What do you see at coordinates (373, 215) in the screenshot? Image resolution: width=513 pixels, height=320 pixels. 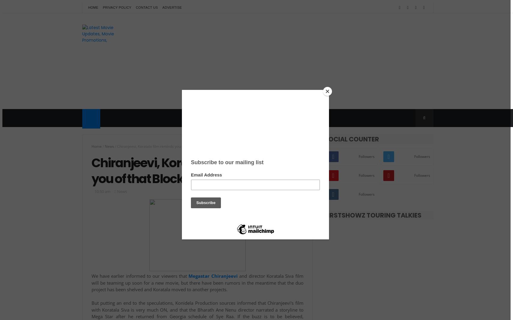 I see `'Firstshowz Touring Talkies'` at bounding box center [373, 215].